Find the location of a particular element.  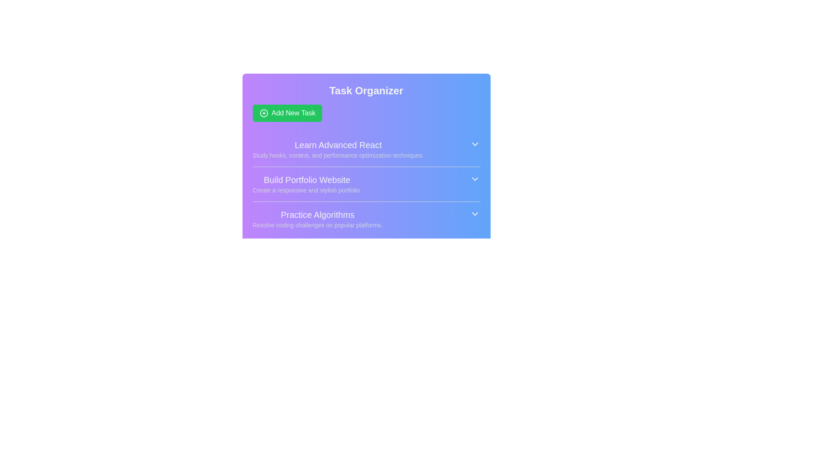

the text block that reads 'Resolve coding challenges on popular platforms.', which is positioned directly below the 'Practice Algorithms' title is located at coordinates (317, 225).